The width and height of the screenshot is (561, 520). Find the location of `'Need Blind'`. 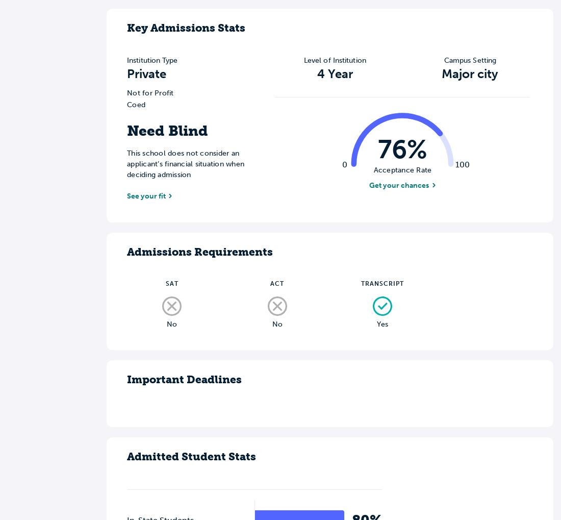

'Need Blind' is located at coordinates (127, 131).